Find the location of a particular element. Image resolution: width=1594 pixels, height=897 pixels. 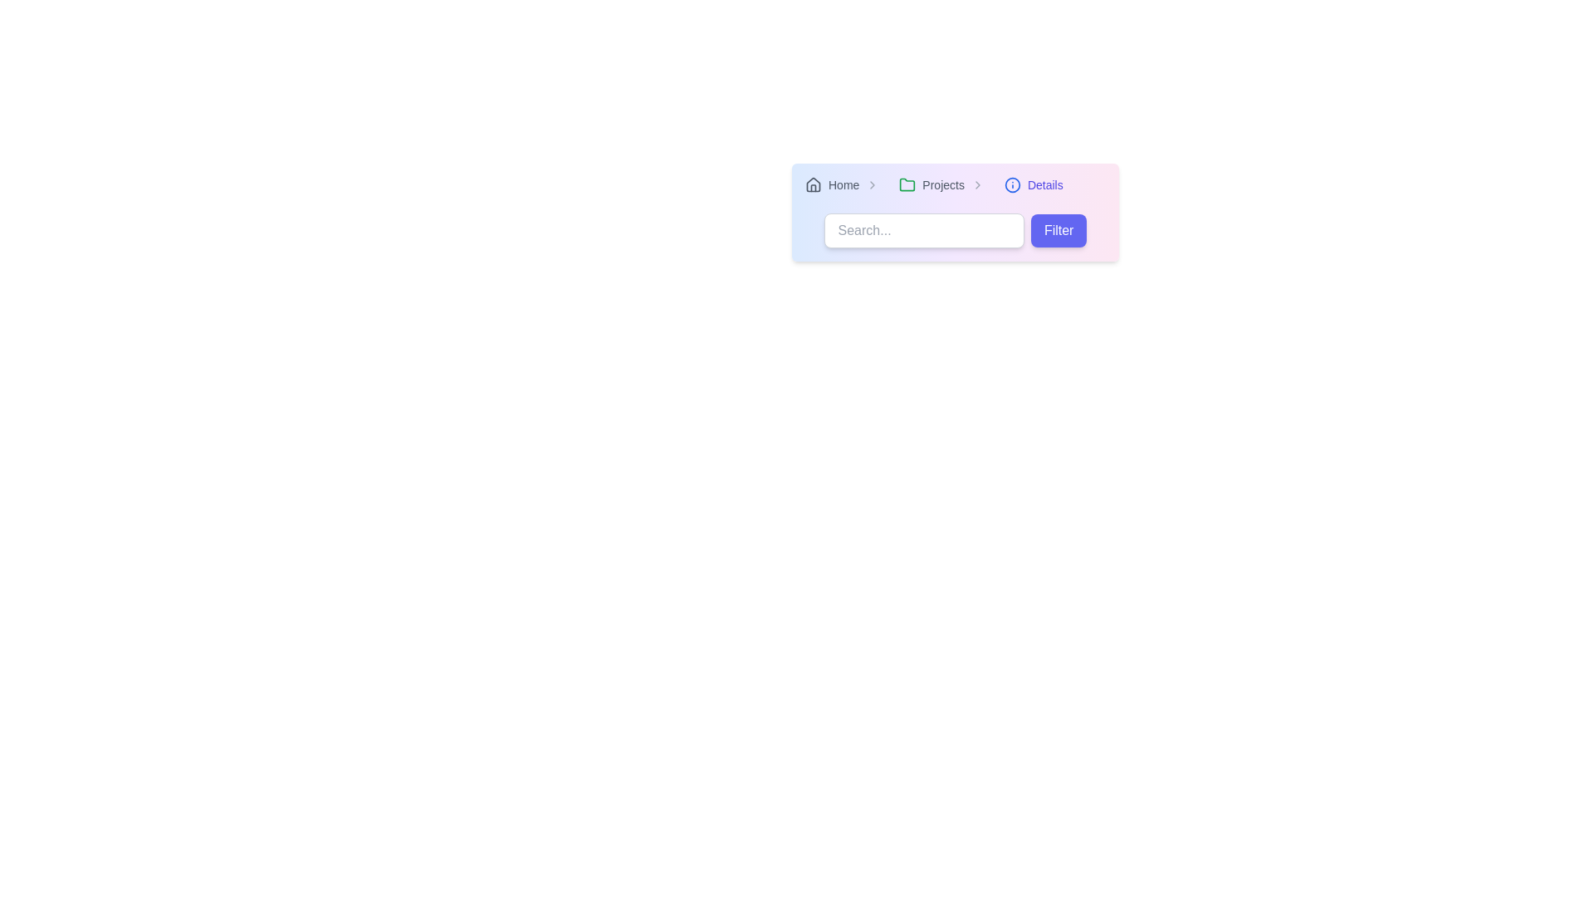

the text label displaying 'Projects' located in the breadcrumb navigation bar at the top center of the application interface is located at coordinates (943, 185).